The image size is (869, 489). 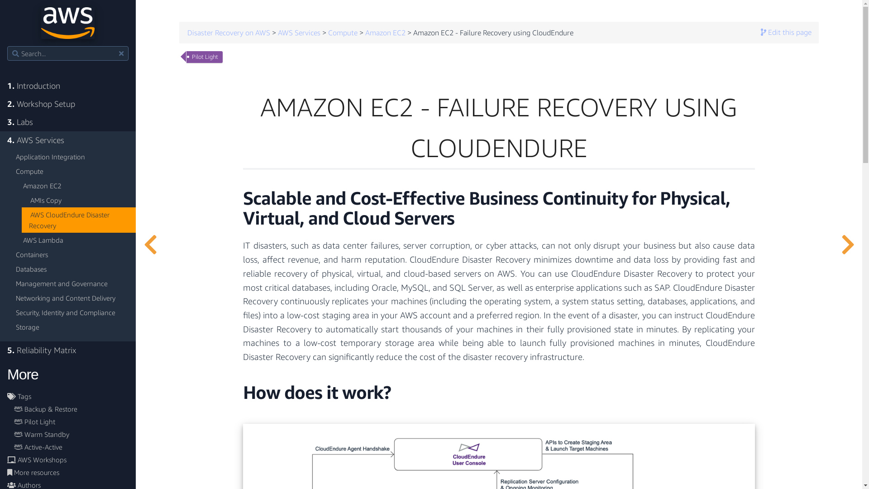 What do you see at coordinates (67, 86) in the screenshot?
I see `'1. Introduction'` at bounding box center [67, 86].